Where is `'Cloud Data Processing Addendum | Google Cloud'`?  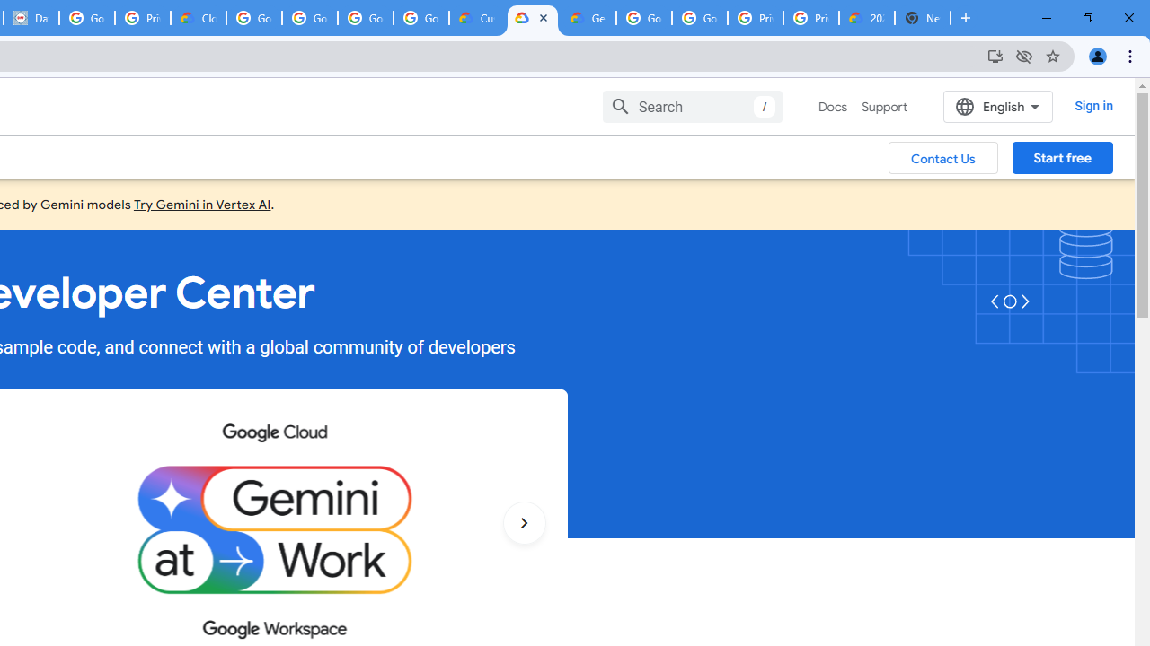 'Cloud Data Processing Addendum | Google Cloud' is located at coordinates (198, 18).